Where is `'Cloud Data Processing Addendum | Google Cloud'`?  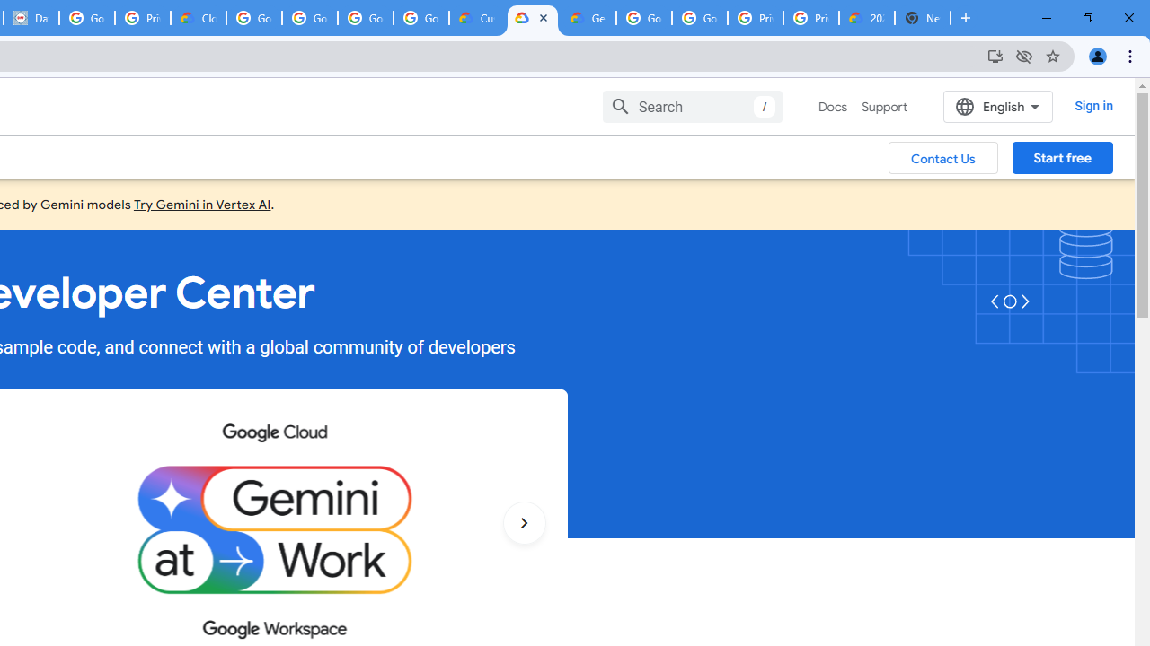 'Cloud Data Processing Addendum | Google Cloud' is located at coordinates (198, 18).